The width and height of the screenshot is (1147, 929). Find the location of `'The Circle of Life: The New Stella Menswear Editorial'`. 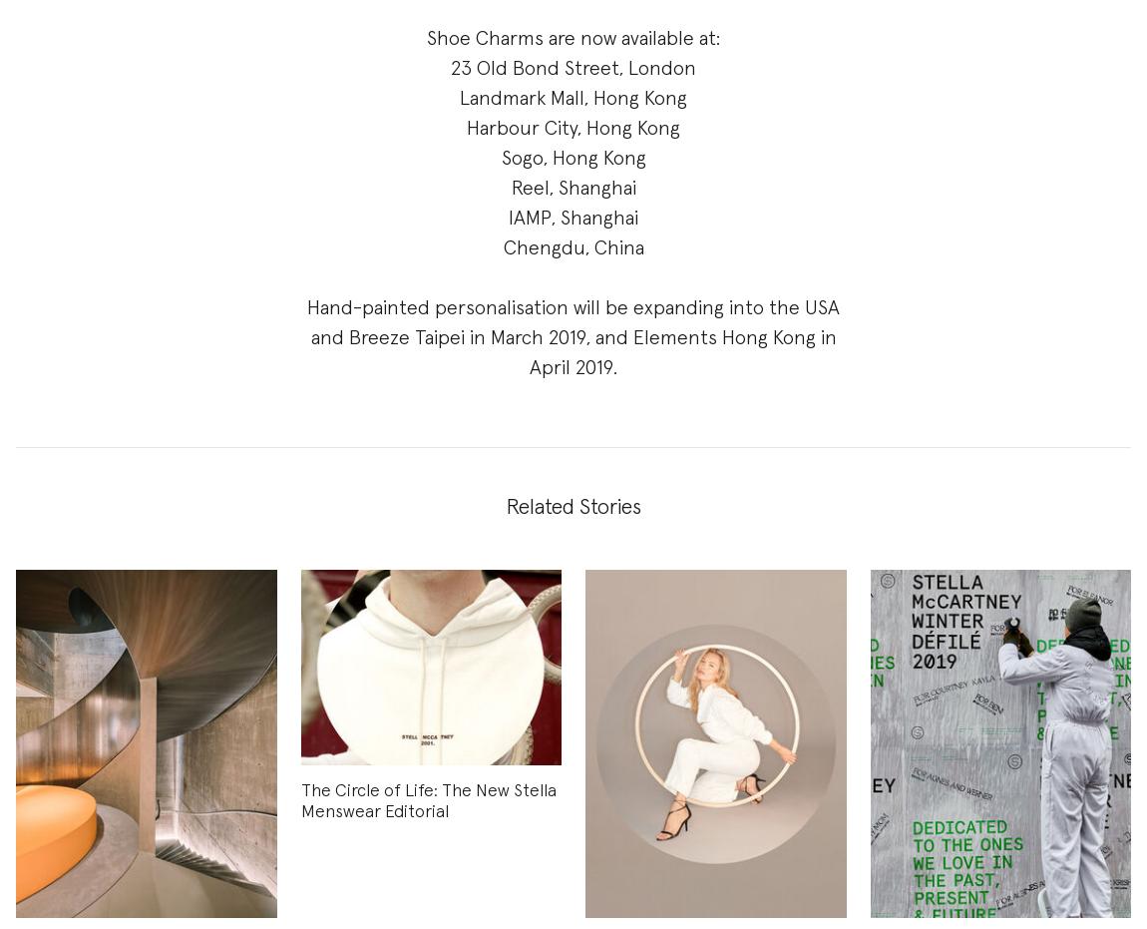

'The Circle of Life: The New Stella Menswear Editorial' is located at coordinates (299, 800).